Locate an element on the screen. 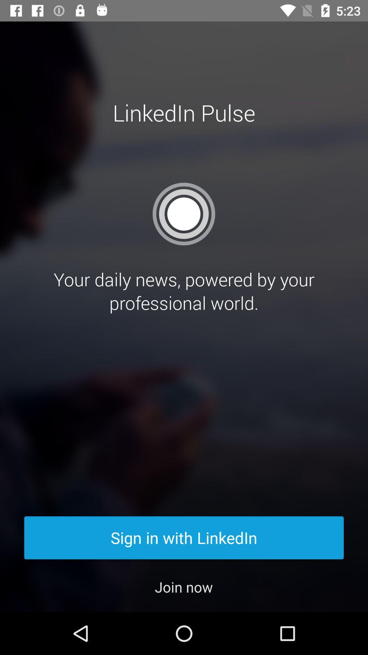 The height and width of the screenshot is (655, 368). join now icon is located at coordinates (183, 586).